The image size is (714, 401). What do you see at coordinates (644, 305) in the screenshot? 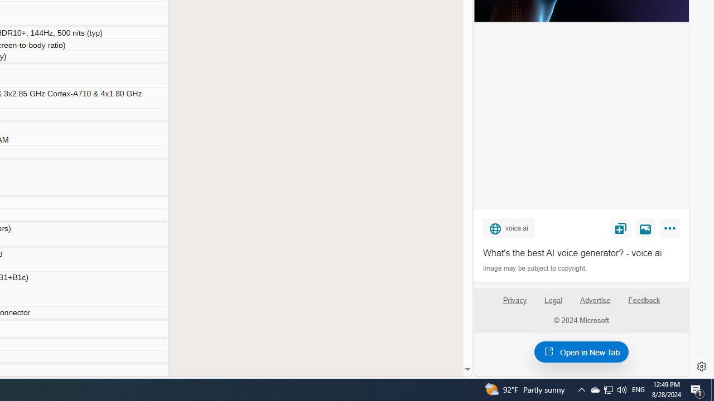
I see `'Feedback'` at bounding box center [644, 305].